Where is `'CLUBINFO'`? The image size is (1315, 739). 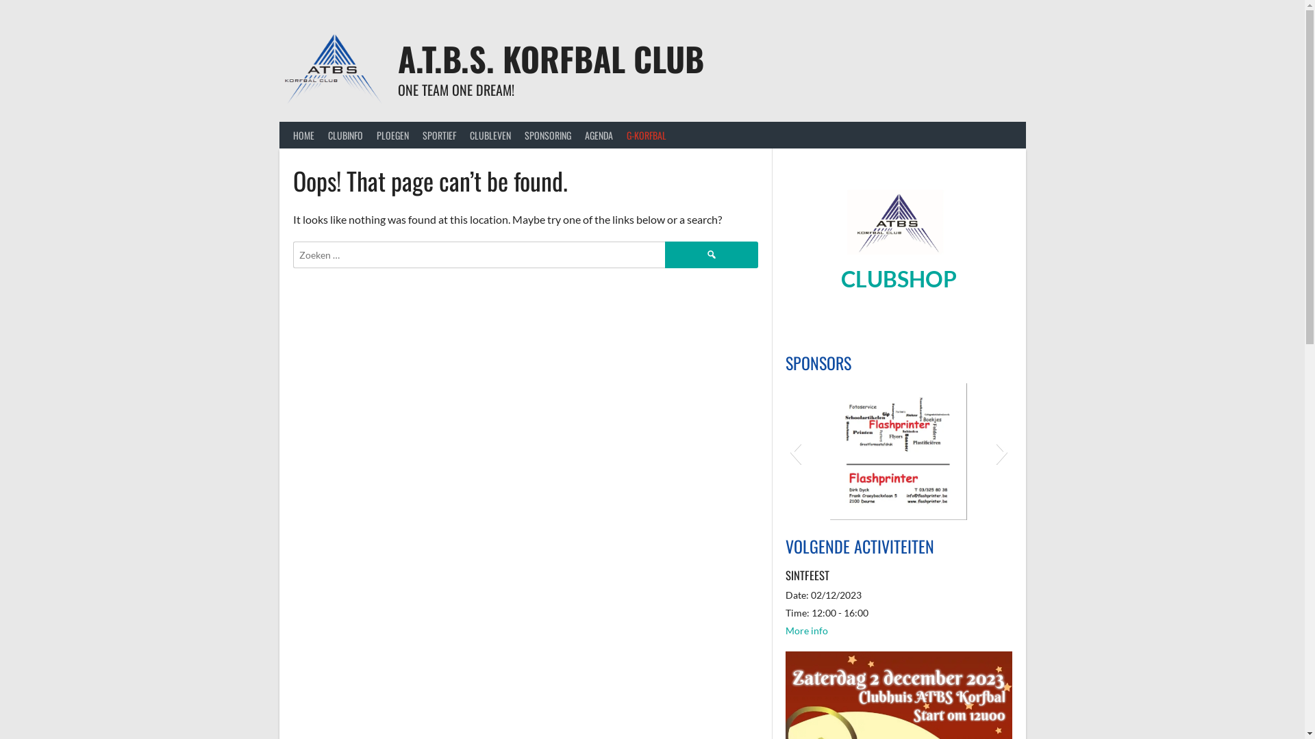
'CLUBINFO' is located at coordinates (345, 135).